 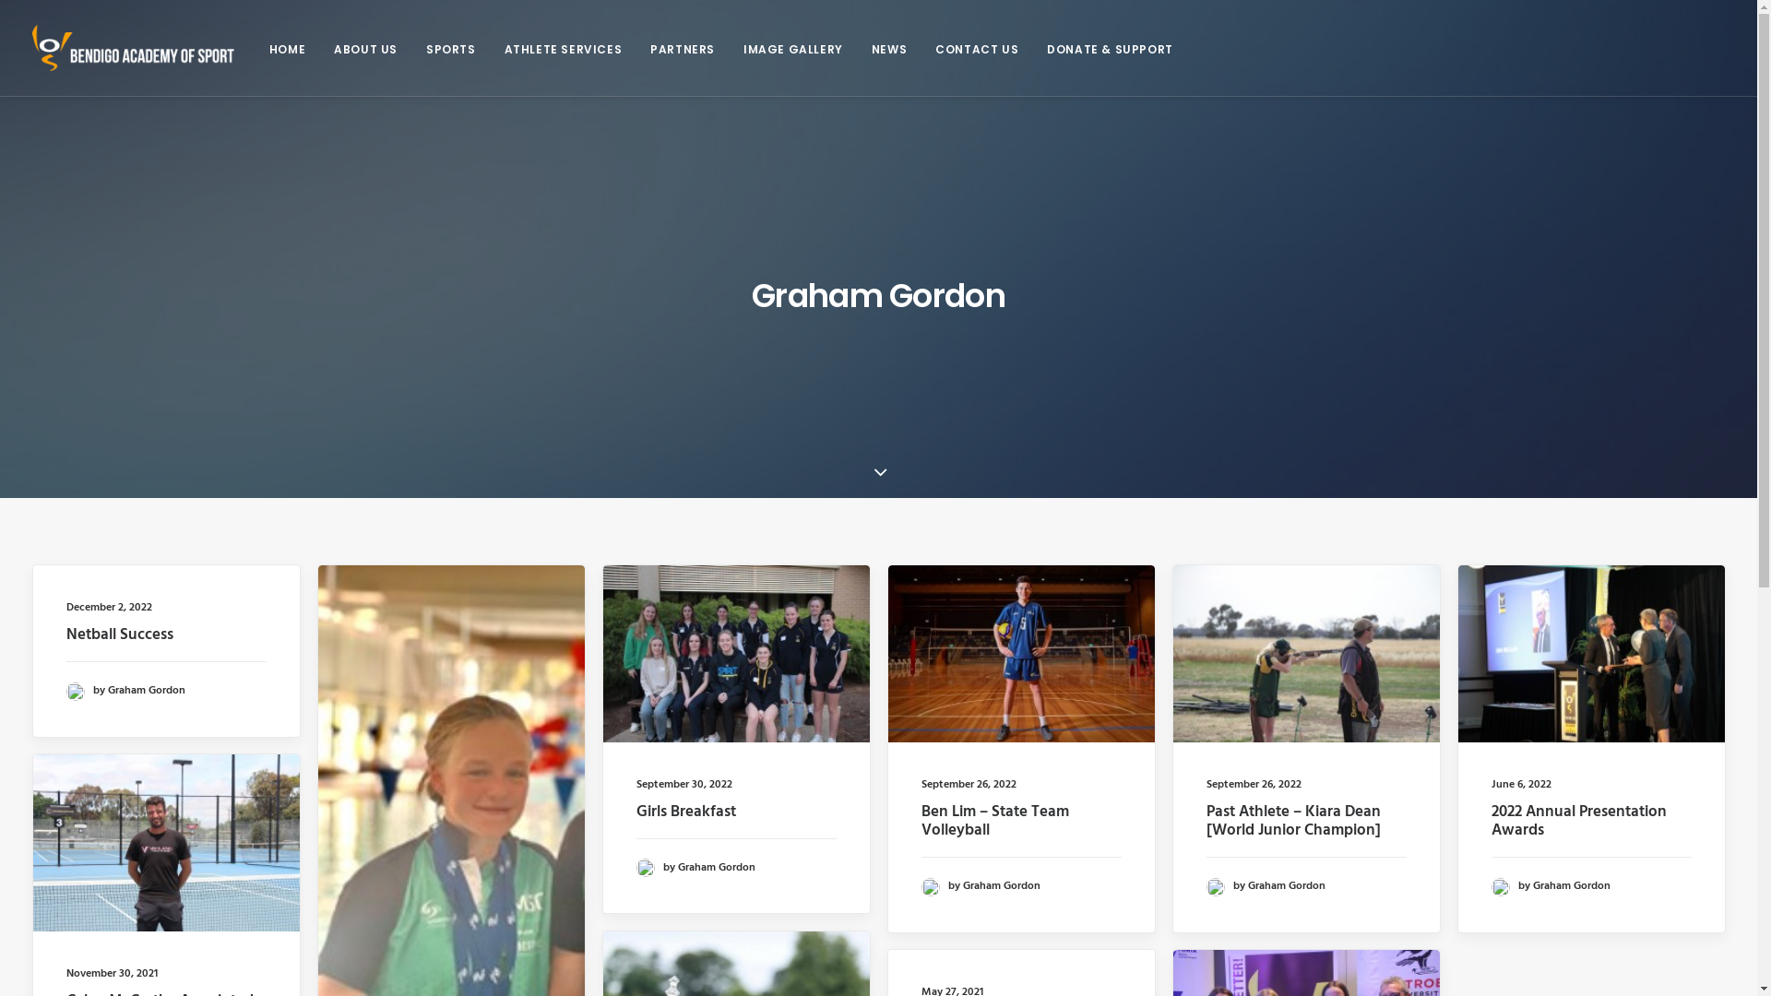 I want to click on 'DONATE & SUPPORT', so click(x=1103, y=46).